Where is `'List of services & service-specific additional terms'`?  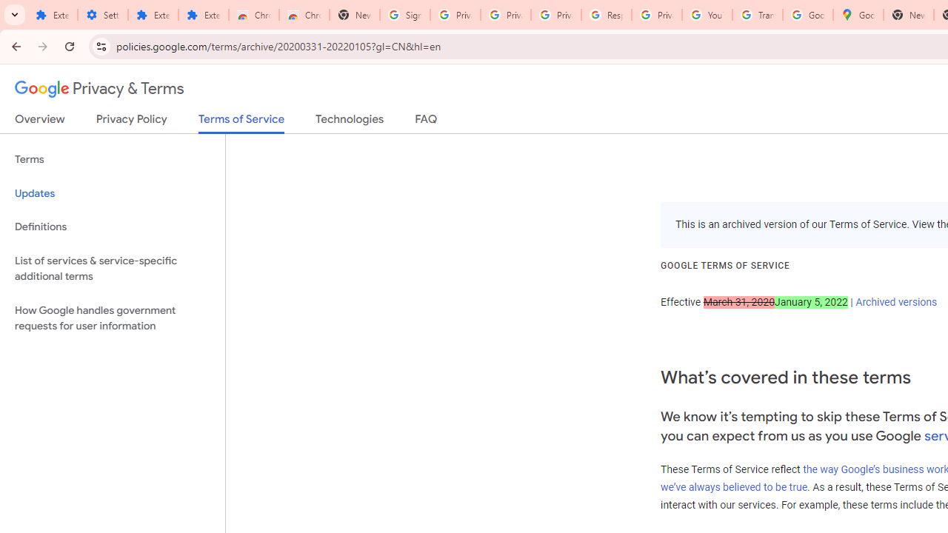 'List of services & service-specific additional terms' is located at coordinates (112, 268).